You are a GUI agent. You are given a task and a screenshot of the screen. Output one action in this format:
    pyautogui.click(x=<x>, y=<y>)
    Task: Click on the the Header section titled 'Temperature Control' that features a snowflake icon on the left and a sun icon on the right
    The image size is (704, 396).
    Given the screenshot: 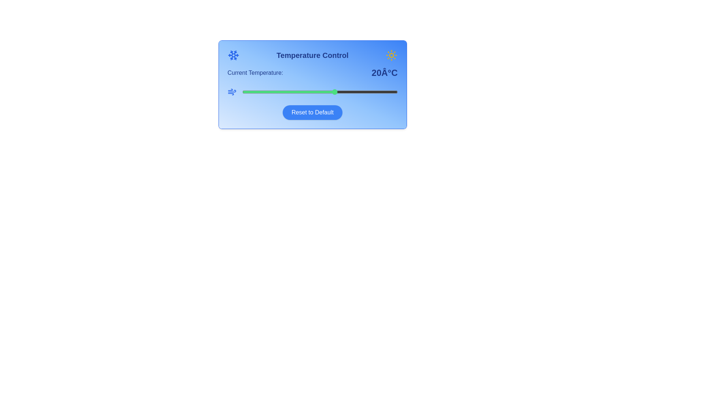 What is the action you would take?
    pyautogui.click(x=312, y=55)
    